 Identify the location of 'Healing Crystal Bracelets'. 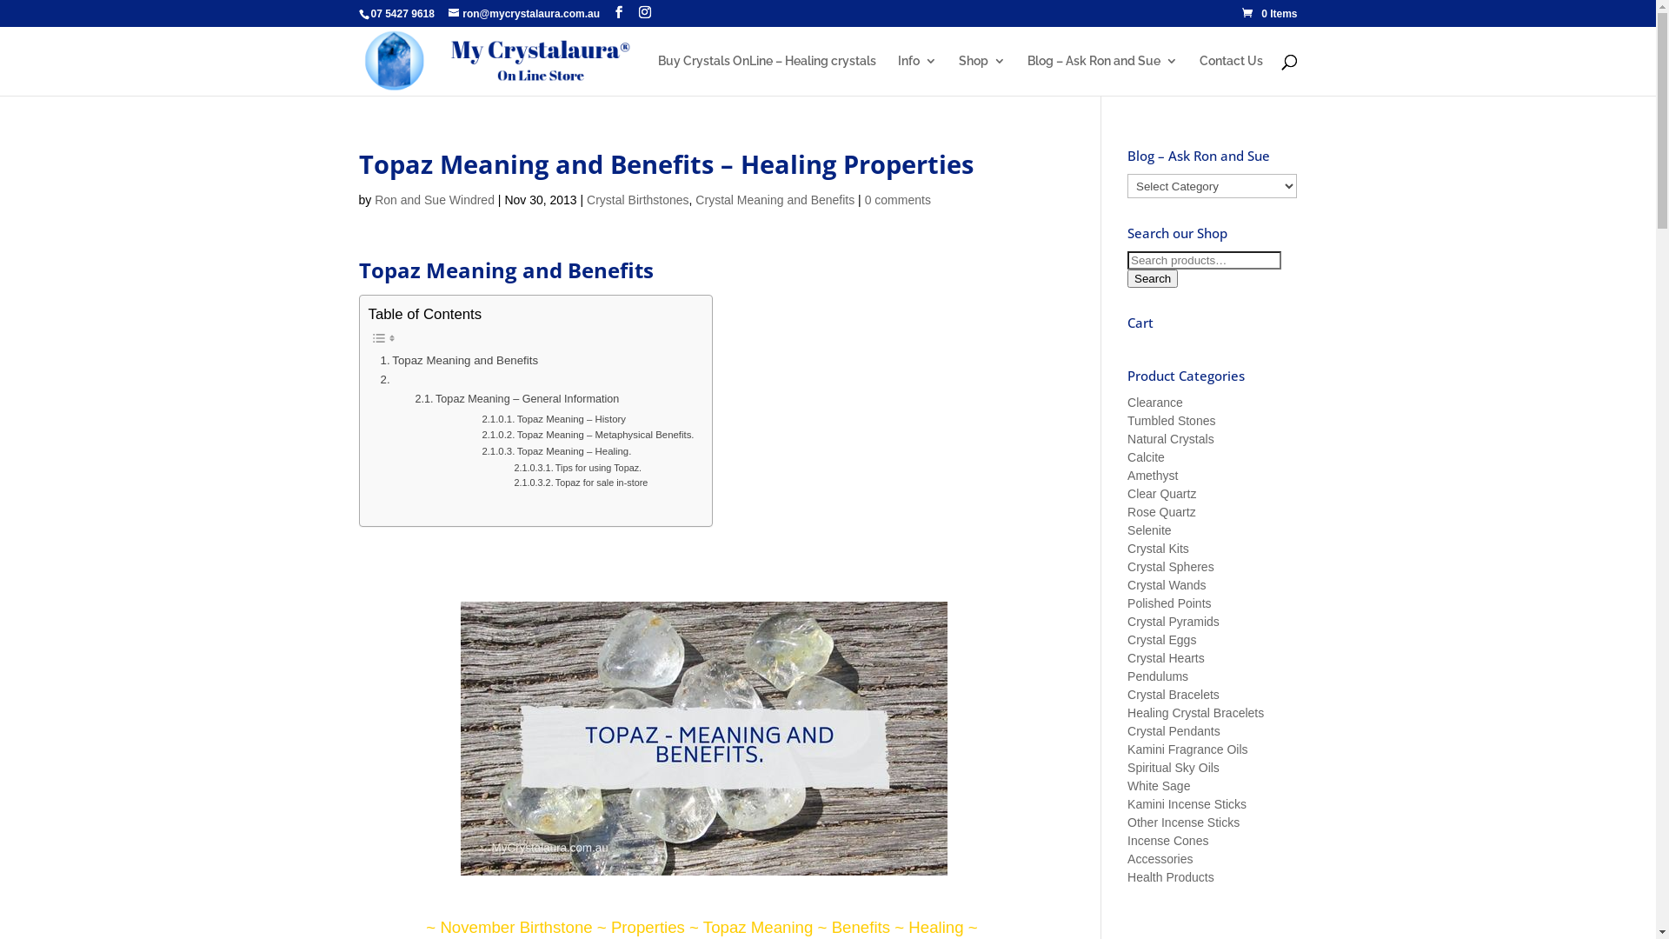
(1194, 713).